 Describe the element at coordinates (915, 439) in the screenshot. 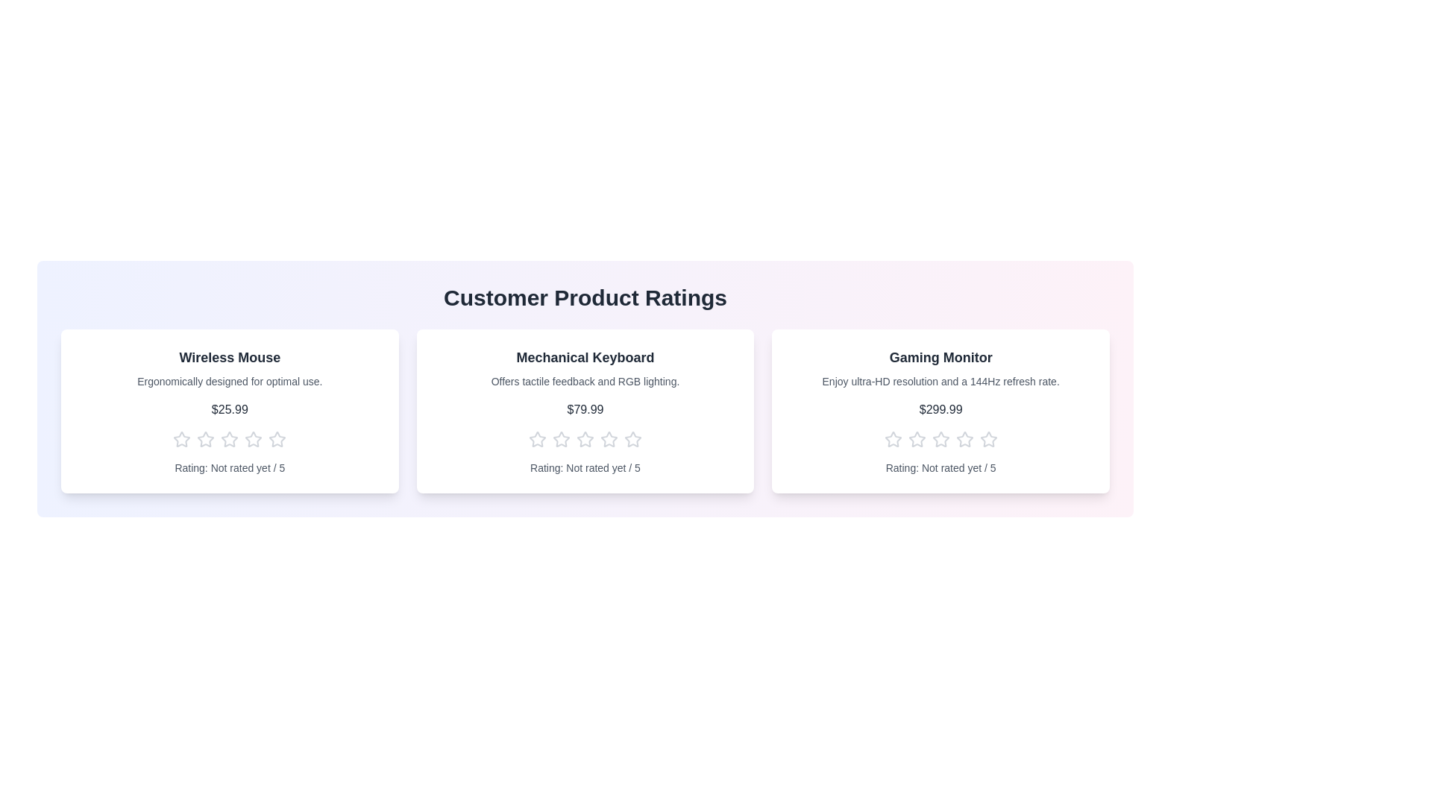

I see `the star corresponding to the rating 2 for the product Gaming Monitor` at that location.